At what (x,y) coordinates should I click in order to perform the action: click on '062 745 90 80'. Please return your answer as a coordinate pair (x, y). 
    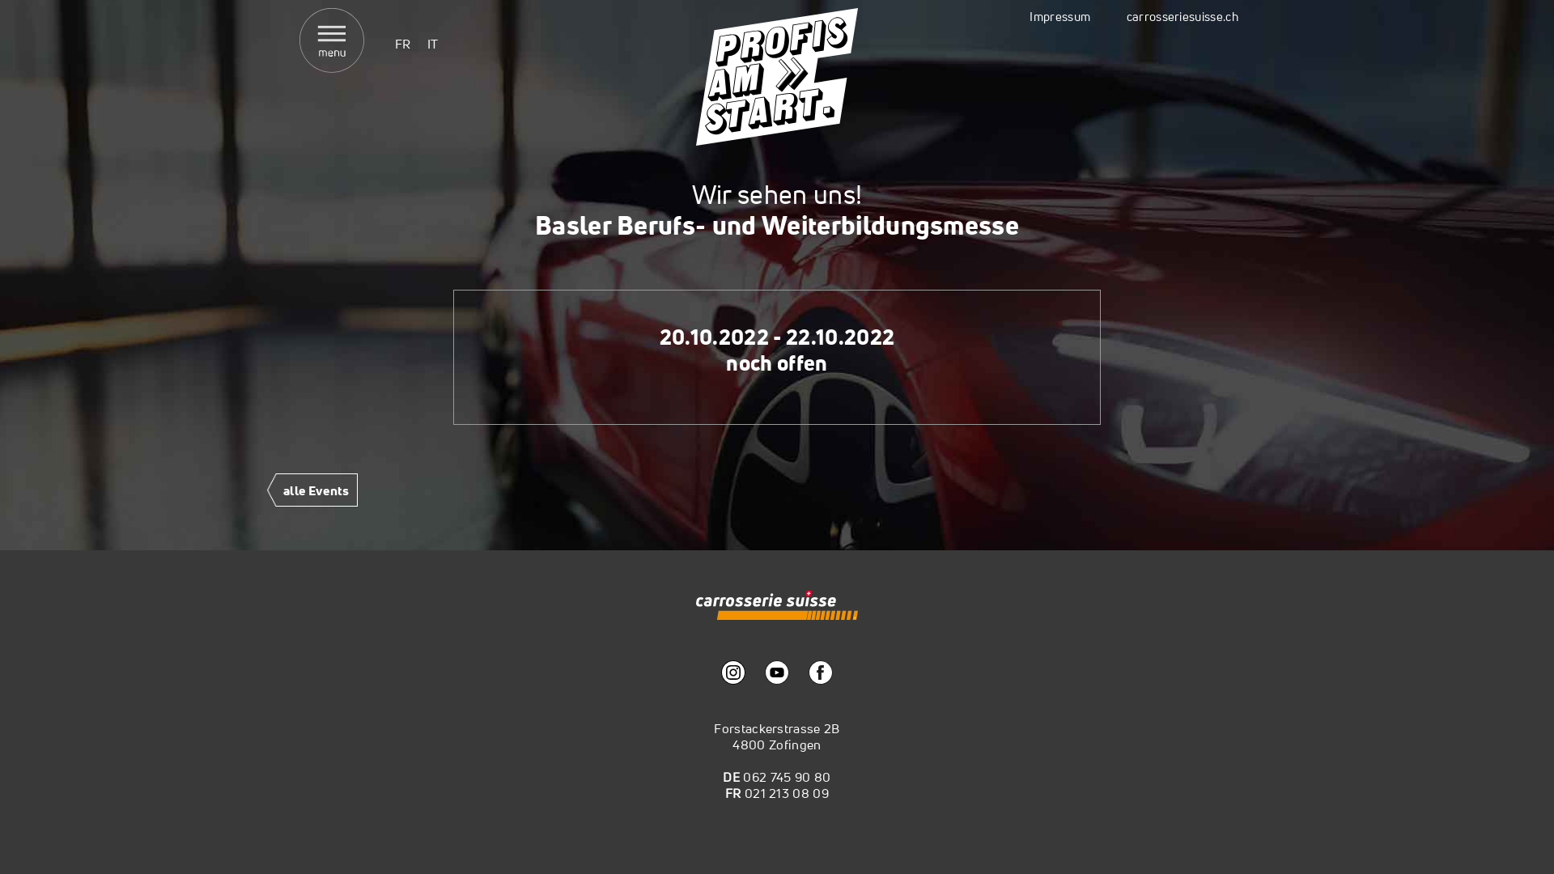
    Looking at the image, I should click on (787, 776).